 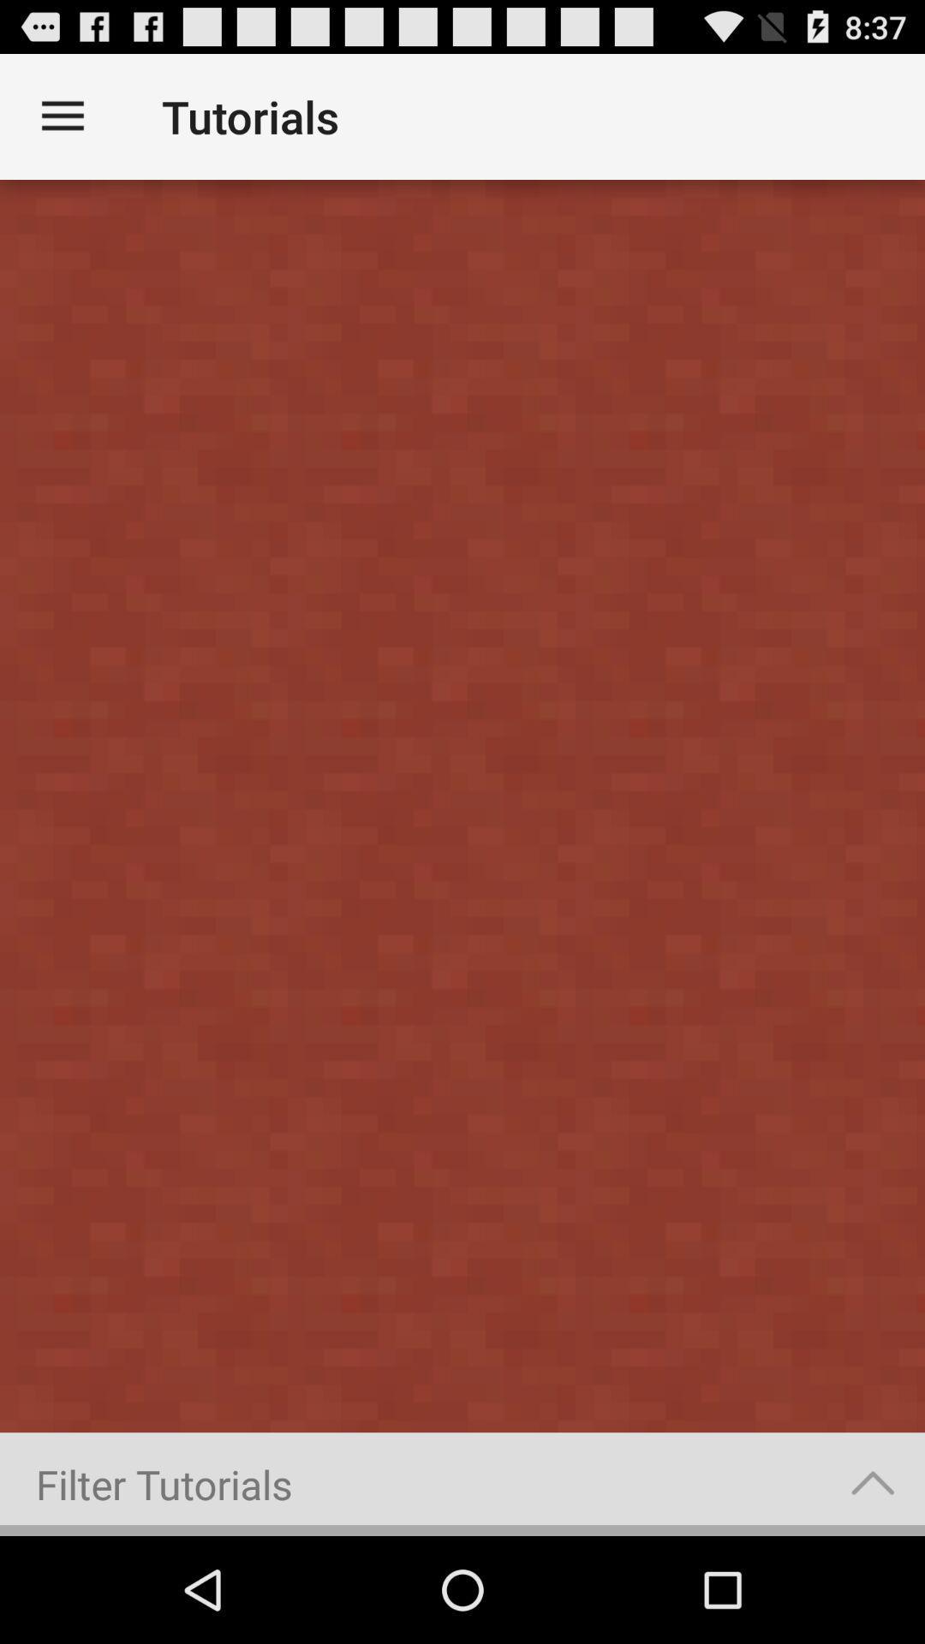 I want to click on the icon to the left of tutorials icon, so click(x=62, y=116).